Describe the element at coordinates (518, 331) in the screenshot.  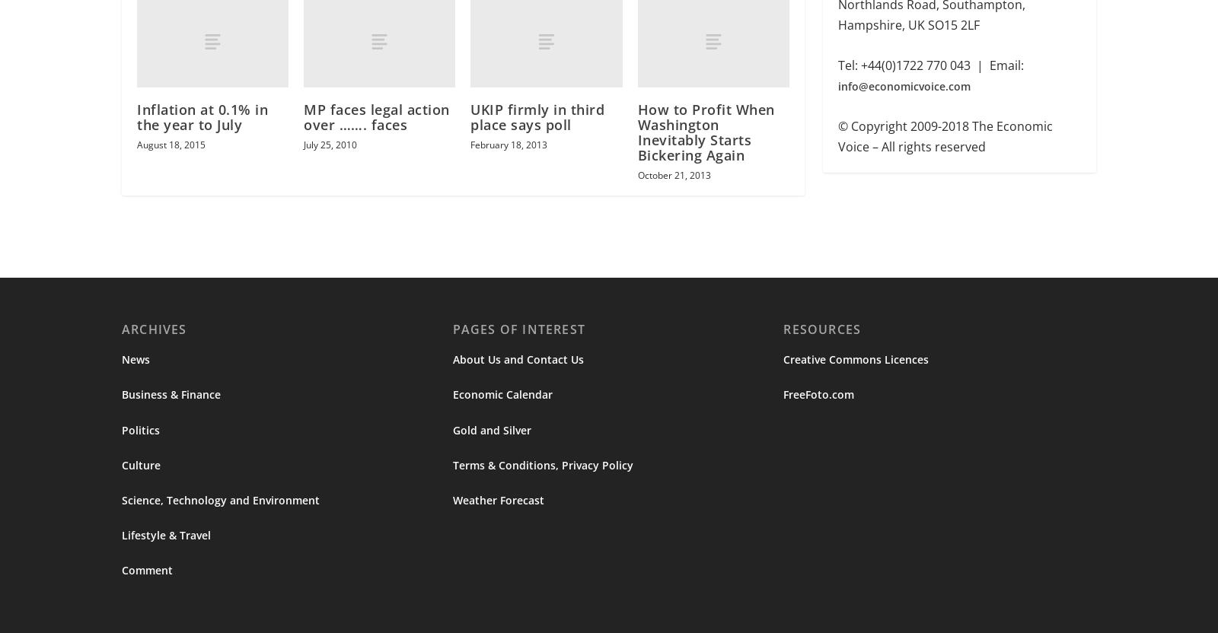
I see `'Pages of Interest'` at that location.